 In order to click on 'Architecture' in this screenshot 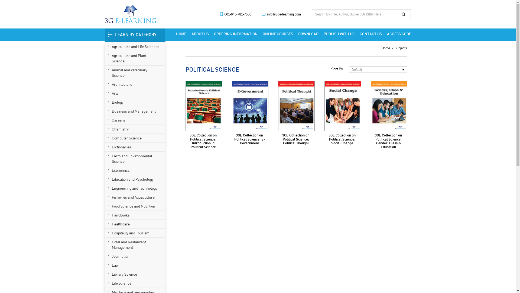, I will do `click(106, 84)`.